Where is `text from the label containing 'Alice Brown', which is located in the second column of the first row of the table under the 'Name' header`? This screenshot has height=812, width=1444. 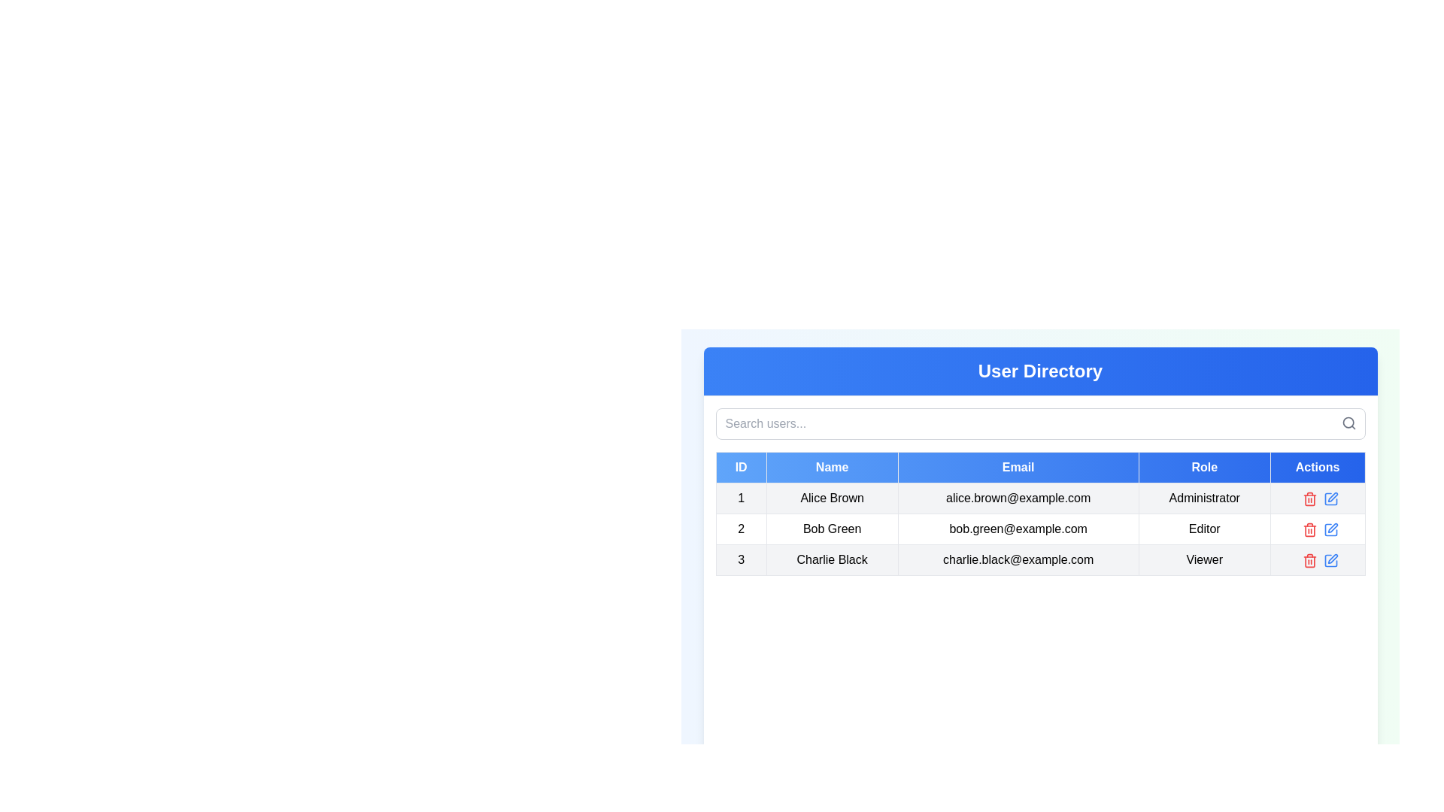 text from the label containing 'Alice Brown', which is located in the second column of the first row of the table under the 'Name' header is located at coordinates (831, 498).